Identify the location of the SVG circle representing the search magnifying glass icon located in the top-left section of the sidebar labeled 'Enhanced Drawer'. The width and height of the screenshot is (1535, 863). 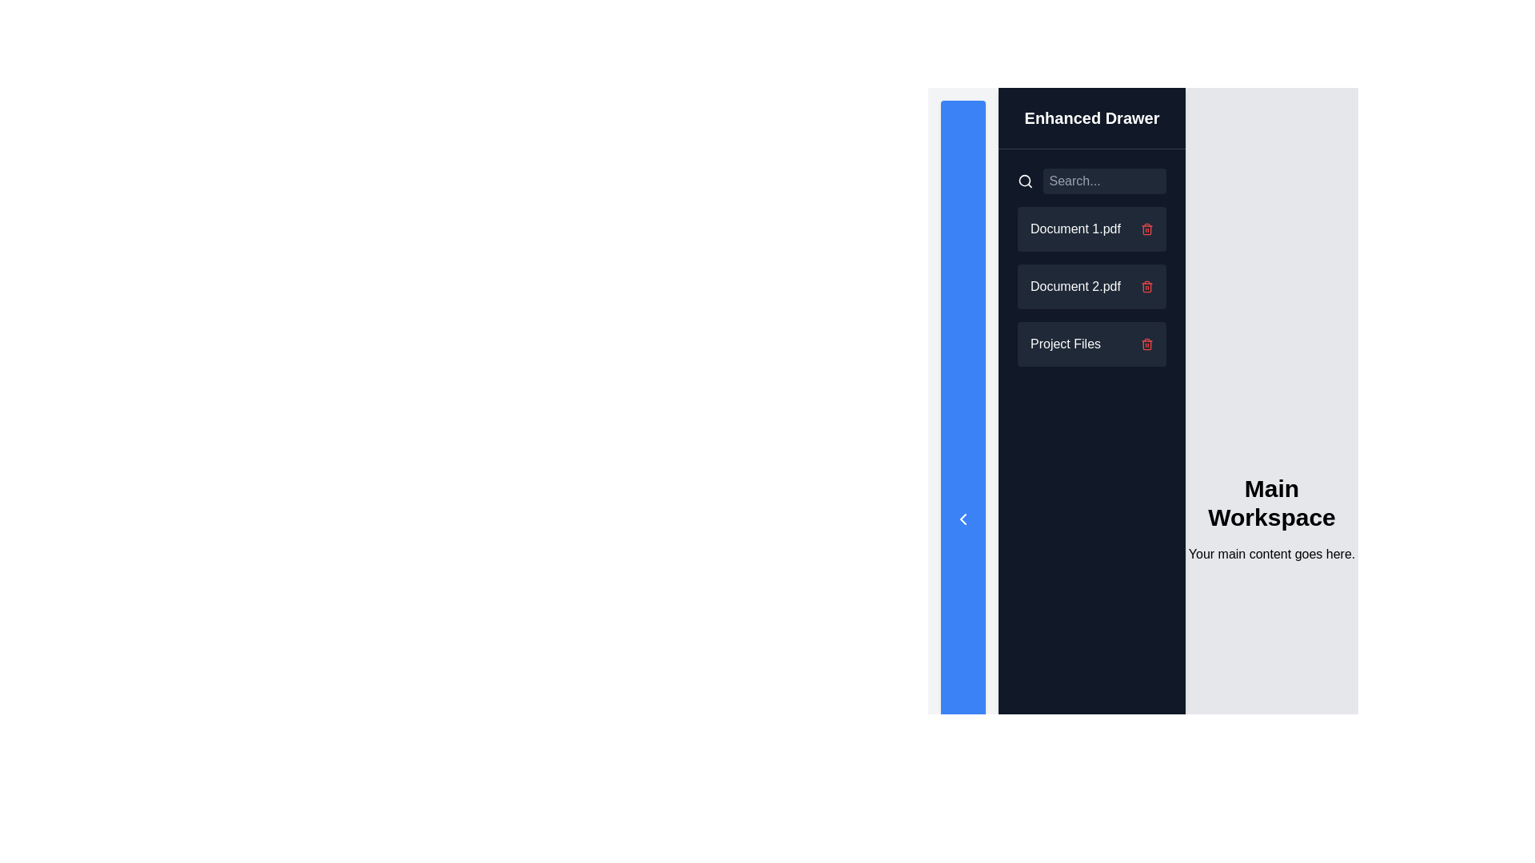
(1024, 180).